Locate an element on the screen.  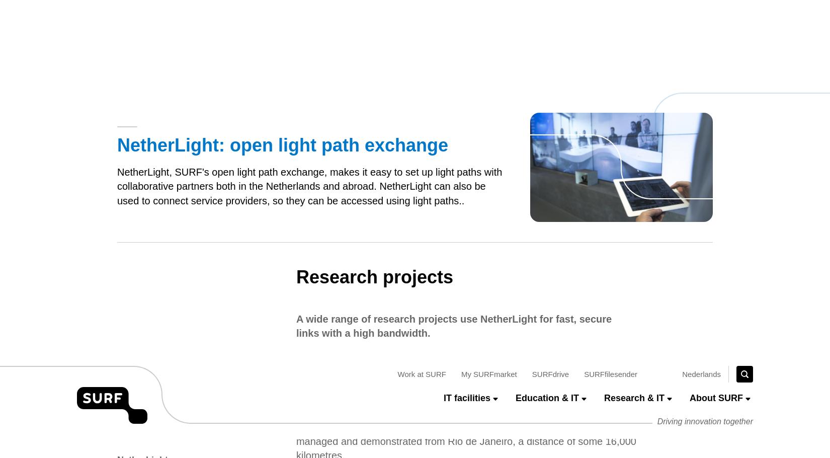
'SURFdrive' is located at coordinates (550, 15).